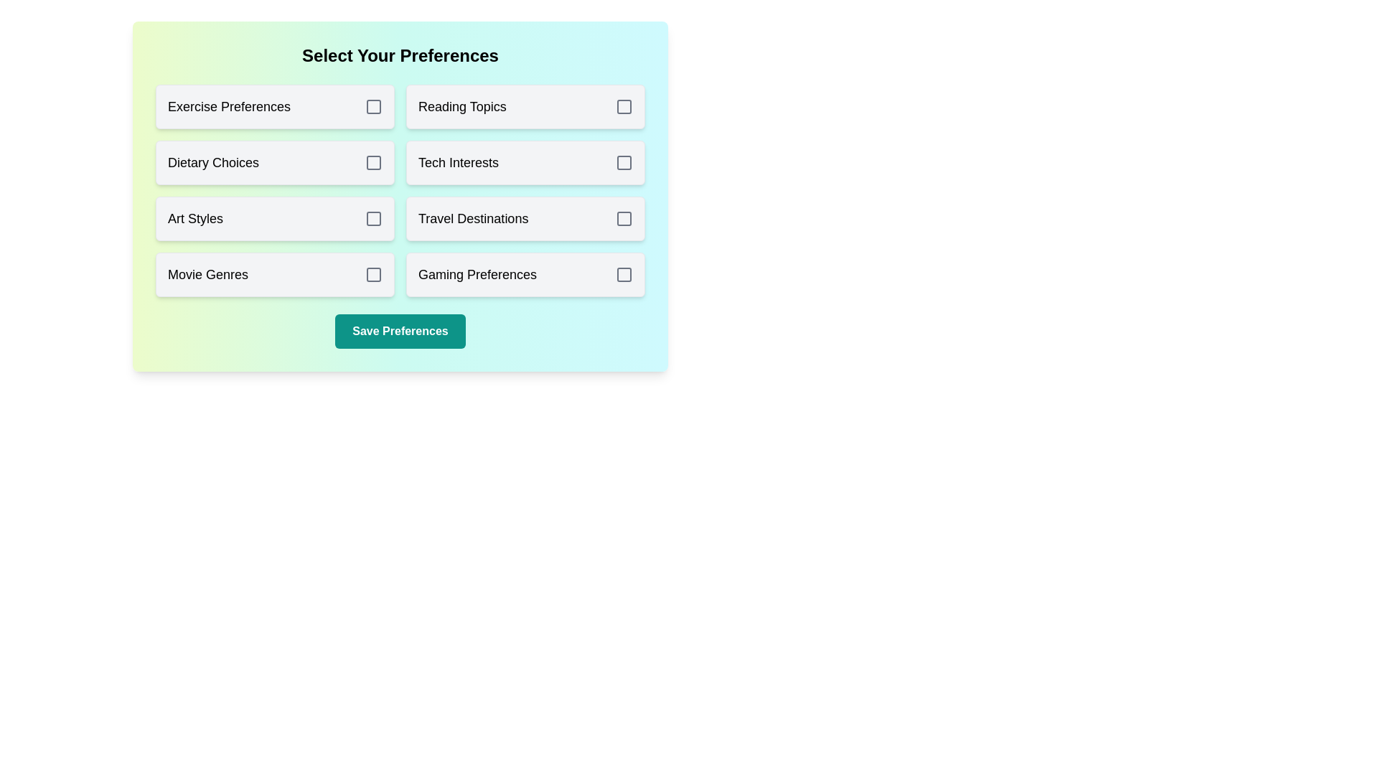 Image resolution: width=1378 pixels, height=775 pixels. Describe the element at coordinates (525, 106) in the screenshot. I see `the preference option Reading Topics` at that location.